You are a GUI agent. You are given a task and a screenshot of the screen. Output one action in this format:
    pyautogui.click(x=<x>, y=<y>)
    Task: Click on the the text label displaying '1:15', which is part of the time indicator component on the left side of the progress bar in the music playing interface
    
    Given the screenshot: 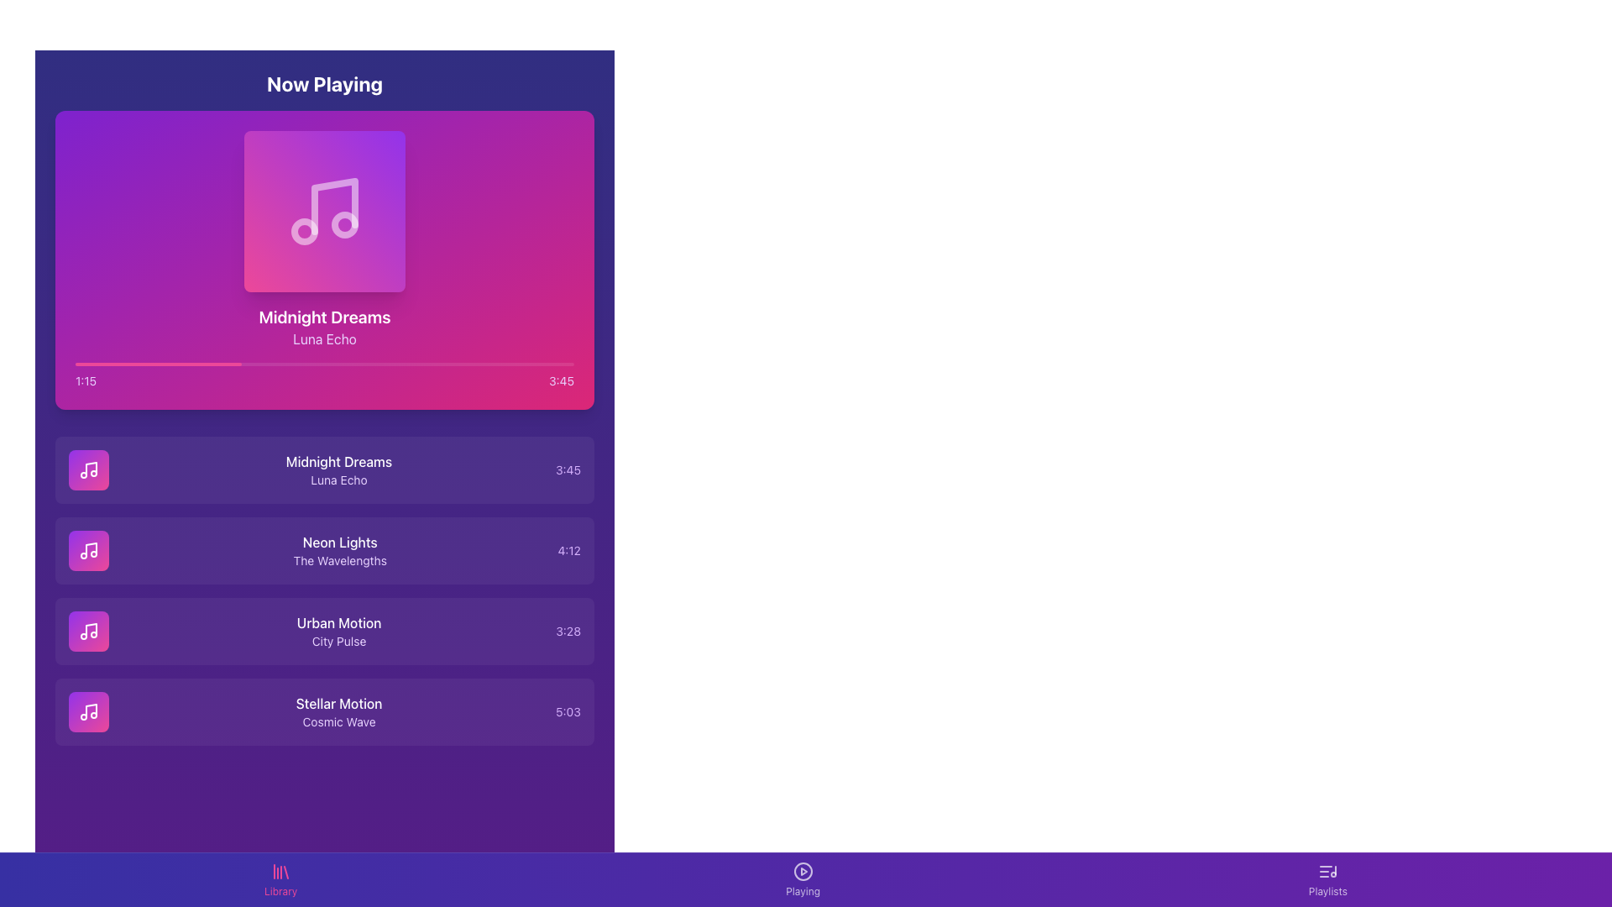 What is the action you would take?
    pyautogui.click(x=85, y=381)
    